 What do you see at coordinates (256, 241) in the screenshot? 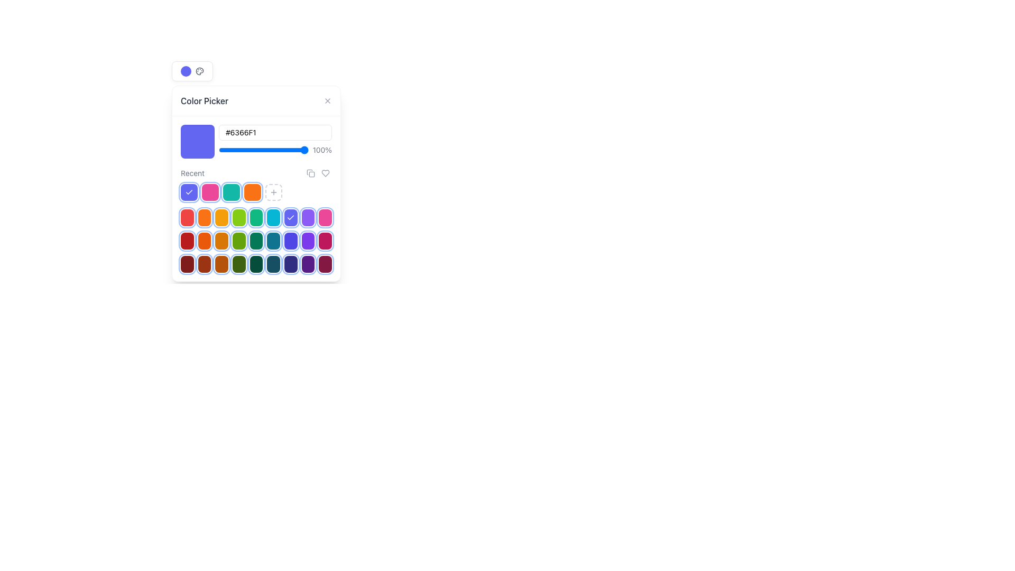
I see `the fifth color selection button in the color picker interface` at bounding box center [256, 241].